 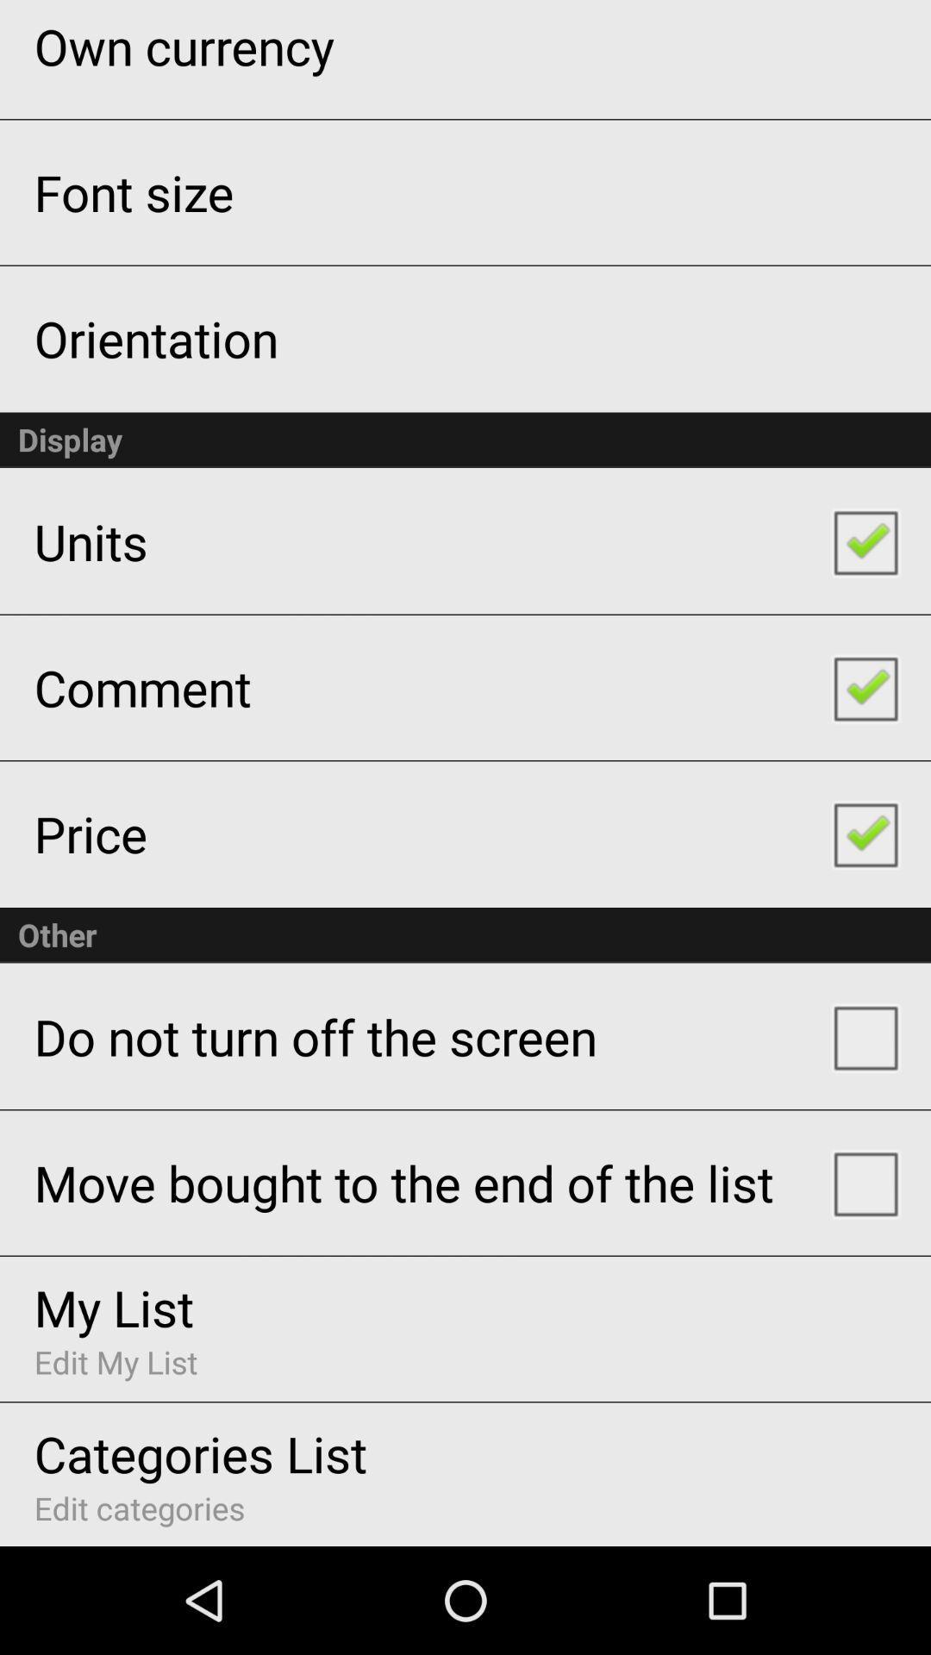 What do you see at coordinates (199, 1452) in the screenshot?
I see `the item below edit my list item` at bounding box center [199, 1452].